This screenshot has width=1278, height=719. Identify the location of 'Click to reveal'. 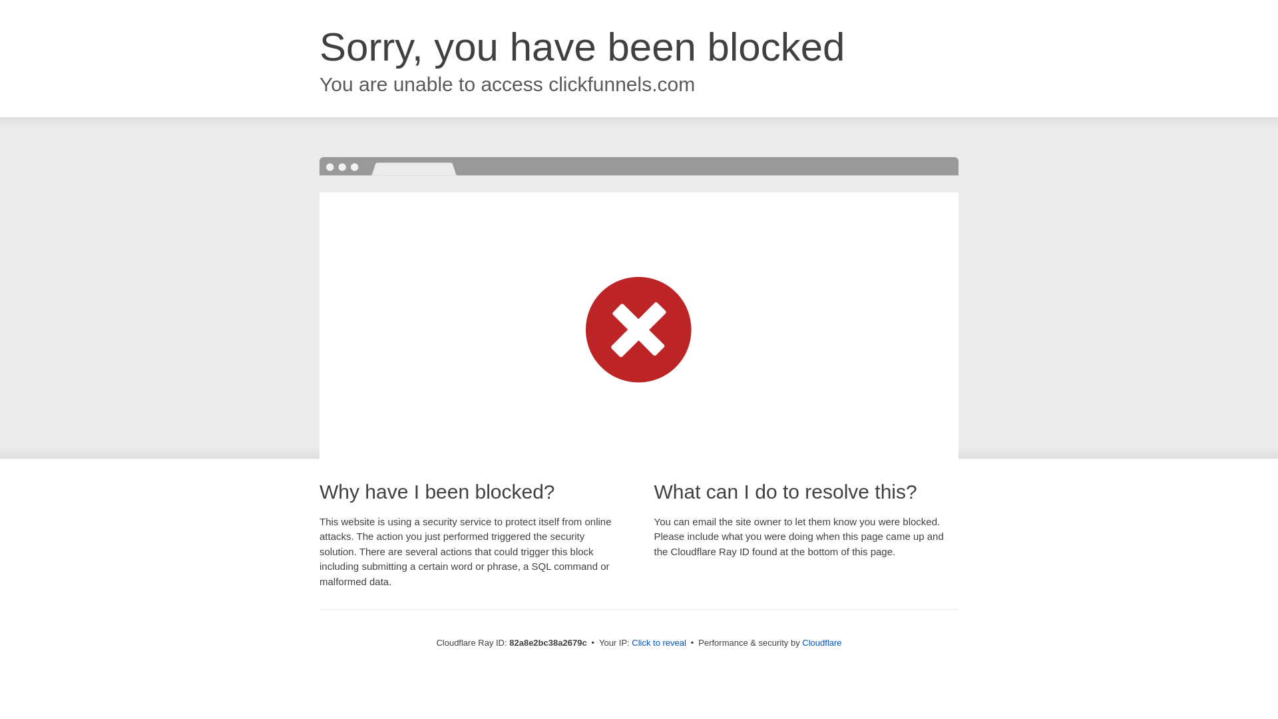
(658, 642).